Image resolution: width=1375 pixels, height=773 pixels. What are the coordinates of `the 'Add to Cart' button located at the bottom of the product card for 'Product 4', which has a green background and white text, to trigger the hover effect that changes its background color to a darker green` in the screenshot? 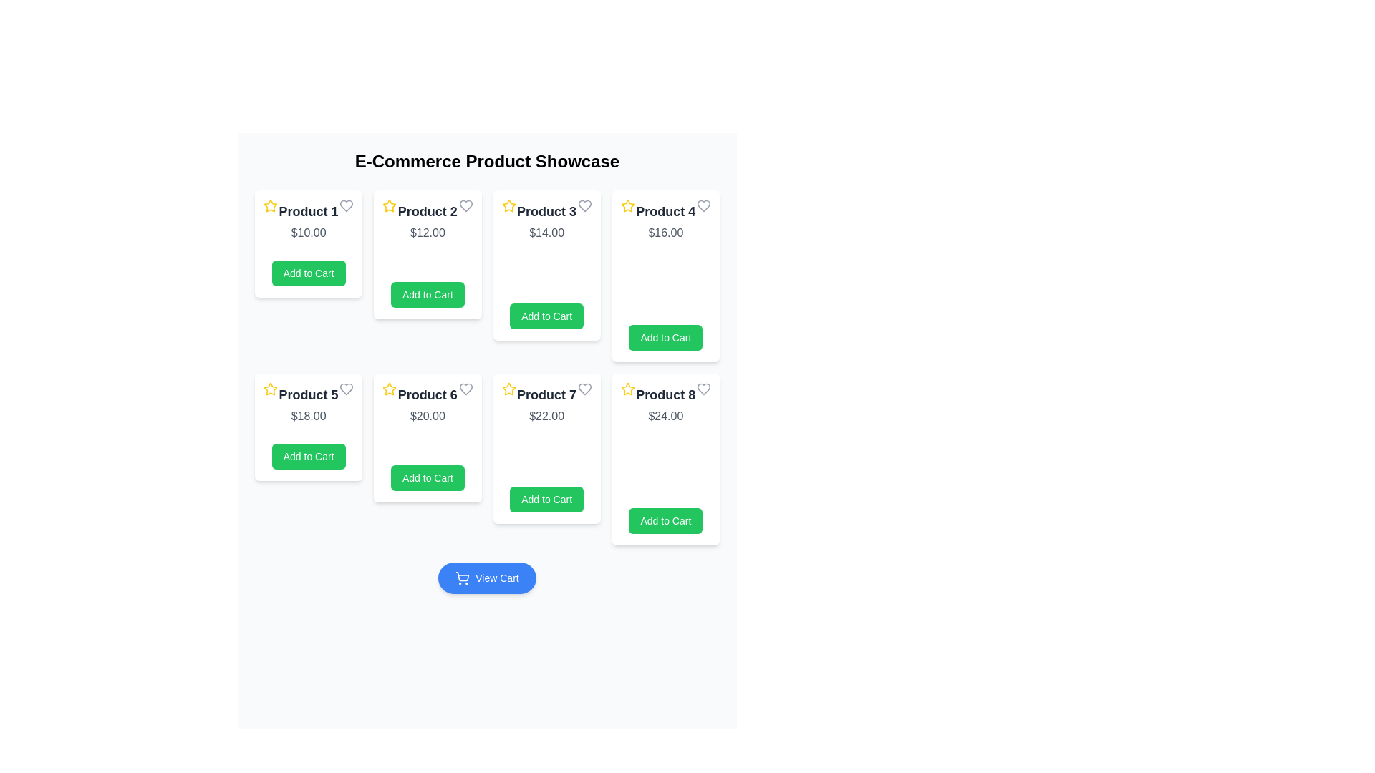 It's located at (665, 337).